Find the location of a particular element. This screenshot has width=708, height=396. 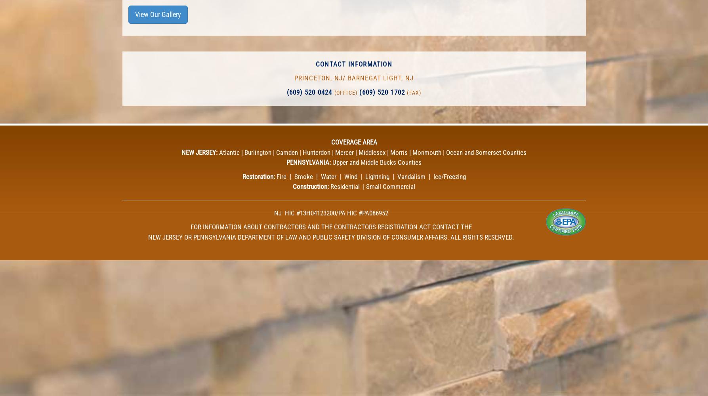

'Restoration:' is located at coordinates (258, 176).